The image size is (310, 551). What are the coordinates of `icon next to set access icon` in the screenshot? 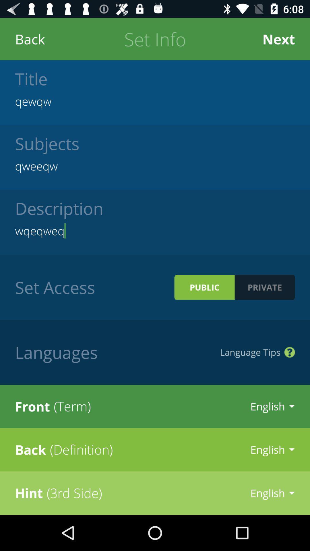 It's located at (204, 287).